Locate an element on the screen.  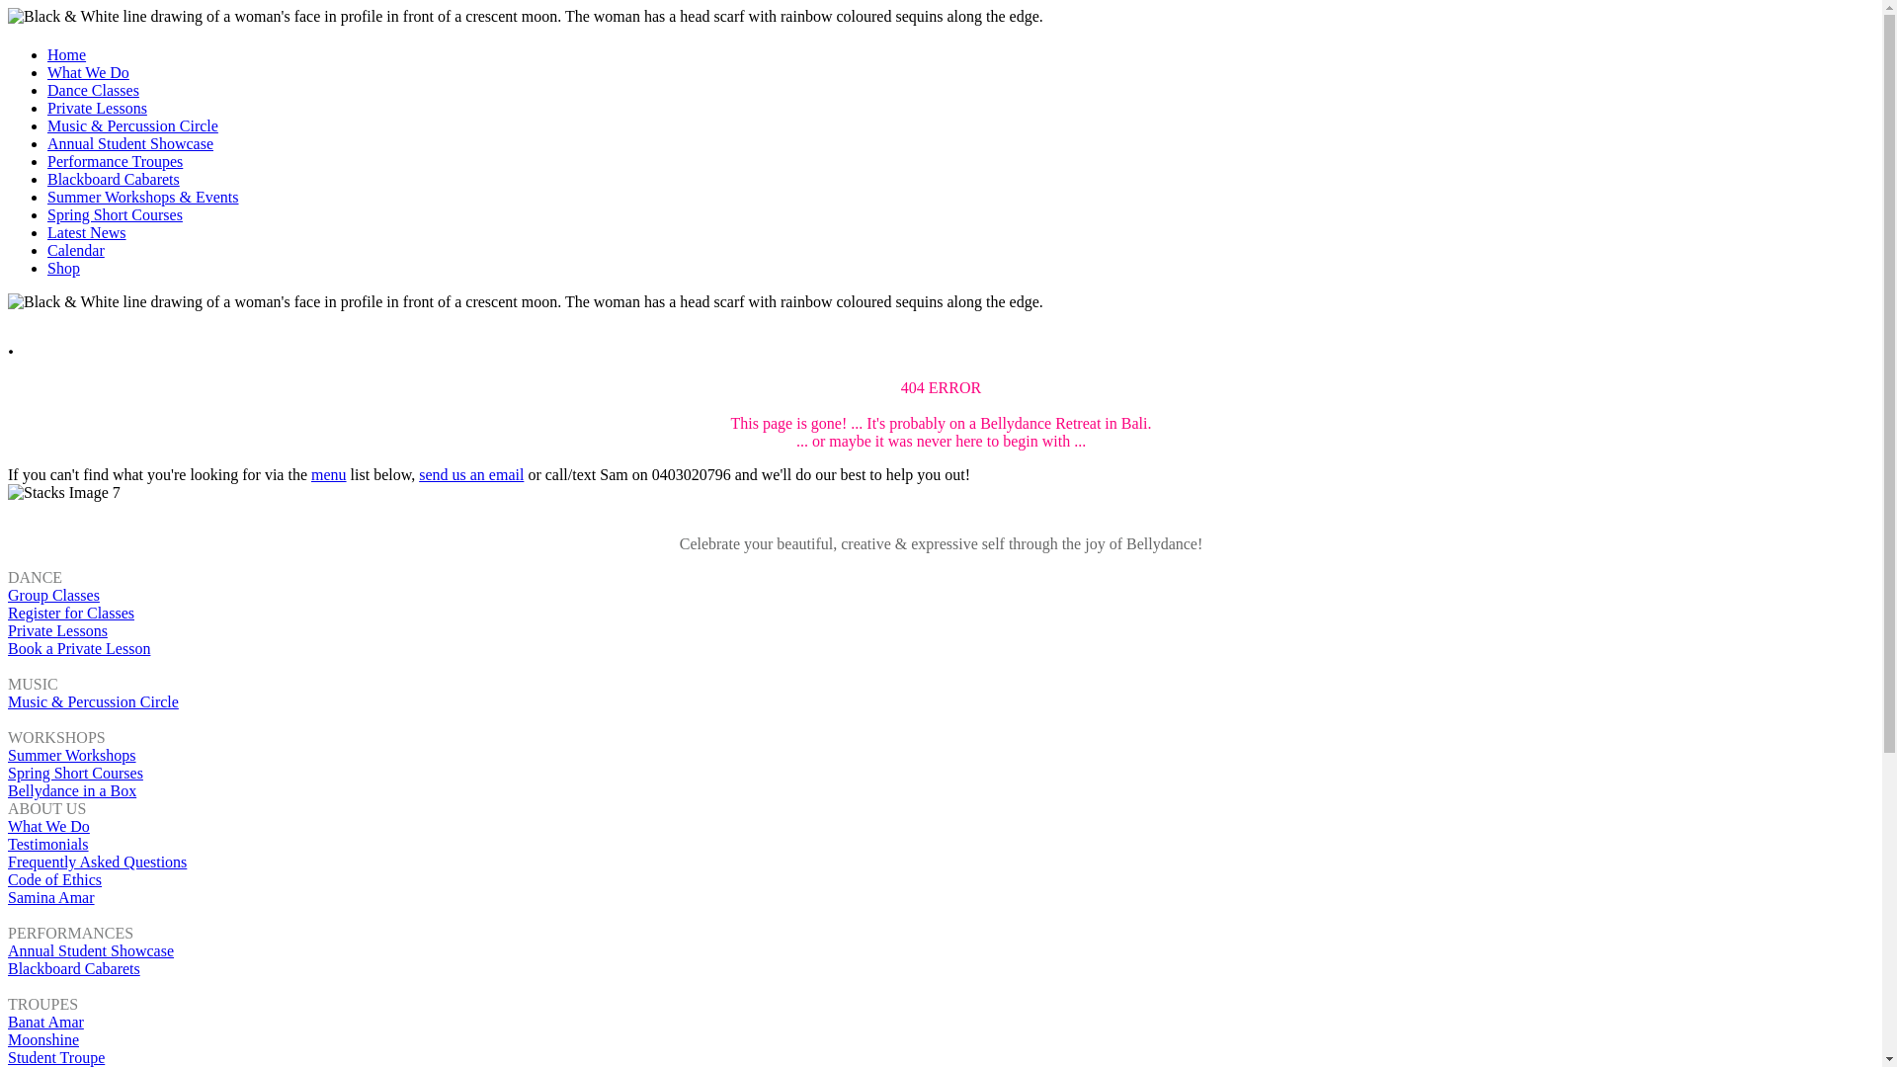
'Bellydance in a Box' is located at coordinates (71, 789).